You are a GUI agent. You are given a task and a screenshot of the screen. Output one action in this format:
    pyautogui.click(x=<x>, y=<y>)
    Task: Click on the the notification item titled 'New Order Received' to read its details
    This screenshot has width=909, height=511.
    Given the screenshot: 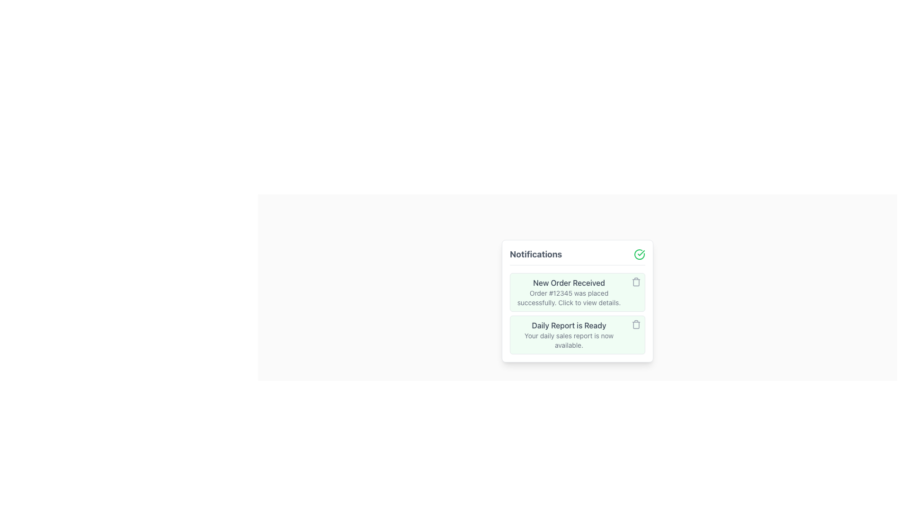 What is the action you would take?
    pyautogui.click(x=568, y=291)
    